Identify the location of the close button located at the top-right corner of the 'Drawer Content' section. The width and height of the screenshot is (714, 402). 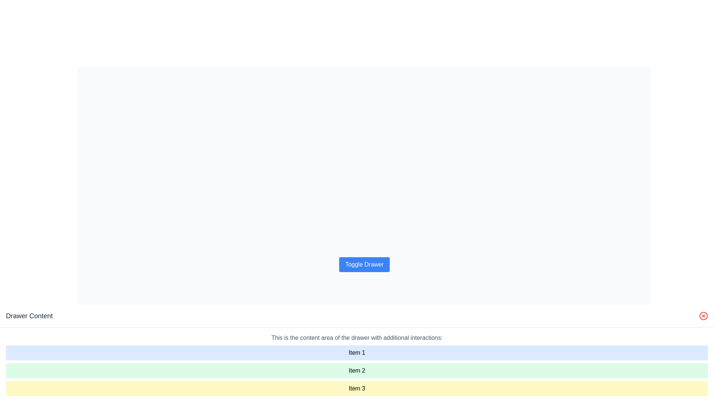
(703, 316).